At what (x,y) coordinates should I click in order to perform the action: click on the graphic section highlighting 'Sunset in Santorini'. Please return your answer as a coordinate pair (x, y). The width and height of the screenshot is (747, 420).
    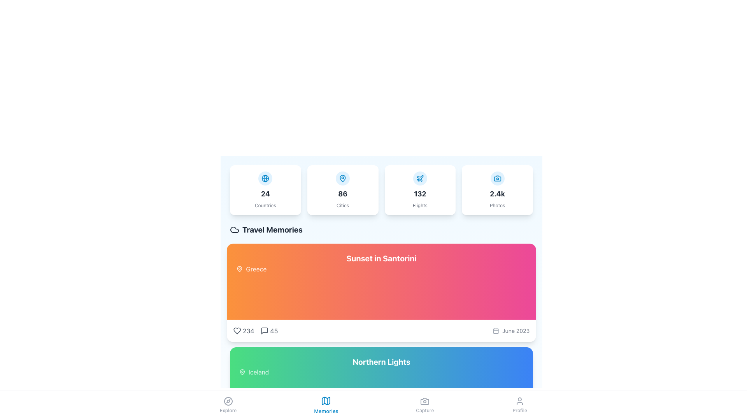
    Looking at the image, I should click on (381, 282).